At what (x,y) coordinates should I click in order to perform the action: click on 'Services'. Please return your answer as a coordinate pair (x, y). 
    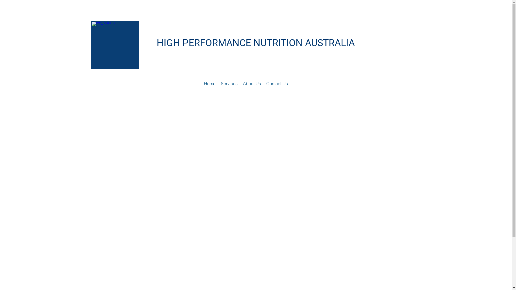
    Looking at the image, I should click on (229, 84).